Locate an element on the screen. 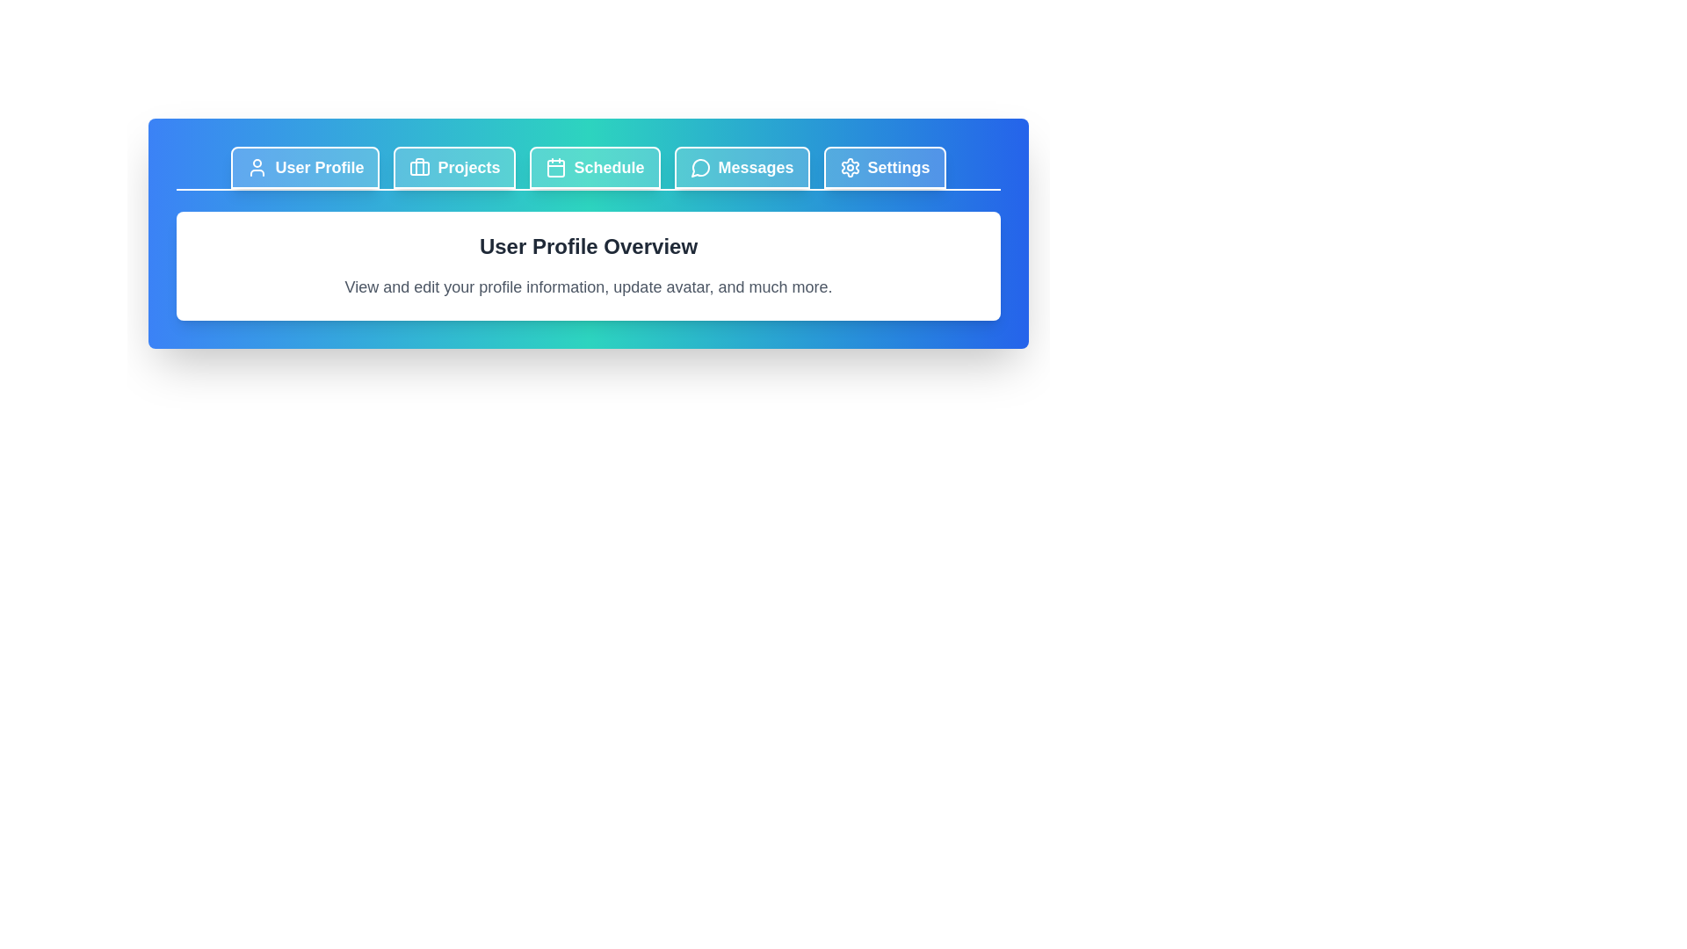 The height and width of the screenshot is (949, 1687). the user profile icon located in the top-left region of the application interface, inside the 'User Profile' tab is located at coordinates (257, 168).